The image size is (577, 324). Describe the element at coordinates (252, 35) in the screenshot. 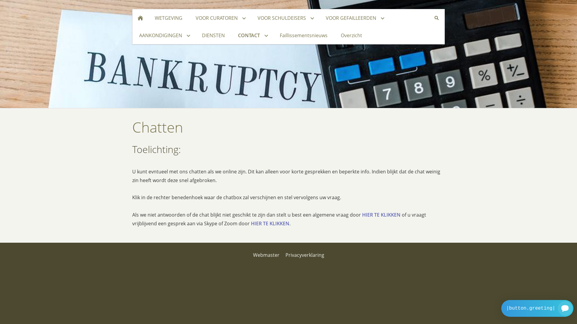

I see `'CONTACT'` at that location.